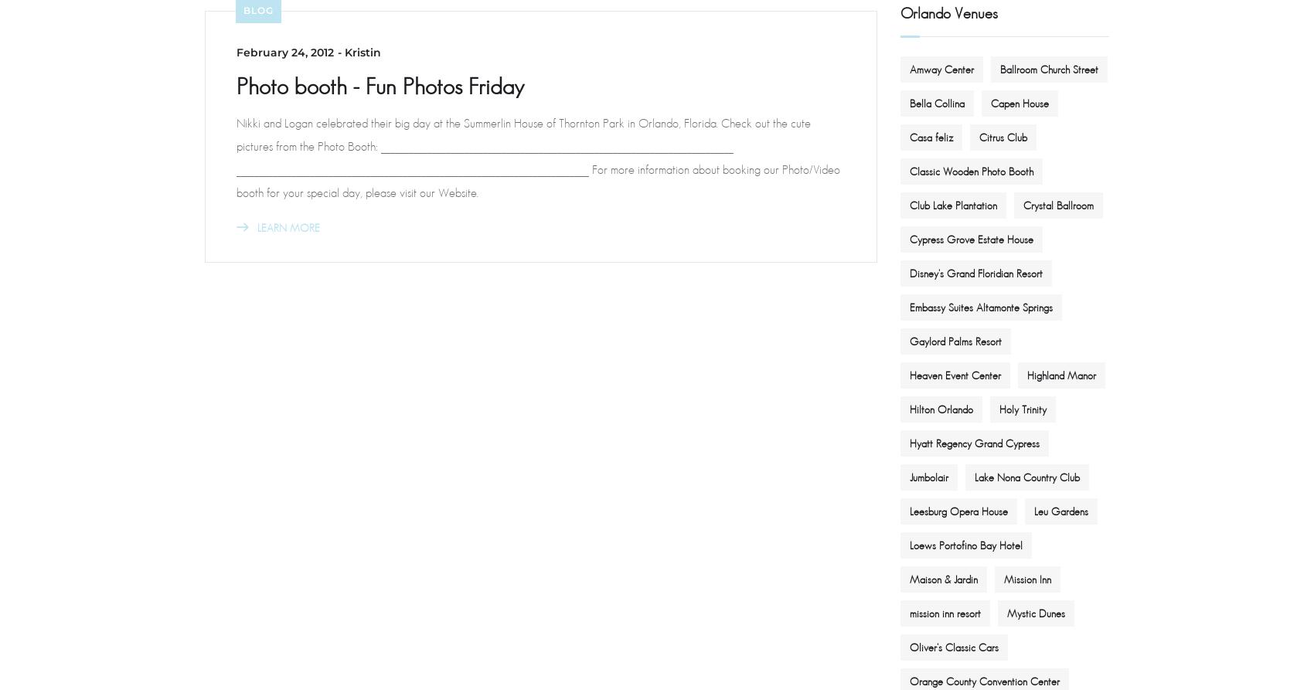  Describe the element at coordinates (909, 476) in the screenshot. I see `'Jumbolair'` at that location.